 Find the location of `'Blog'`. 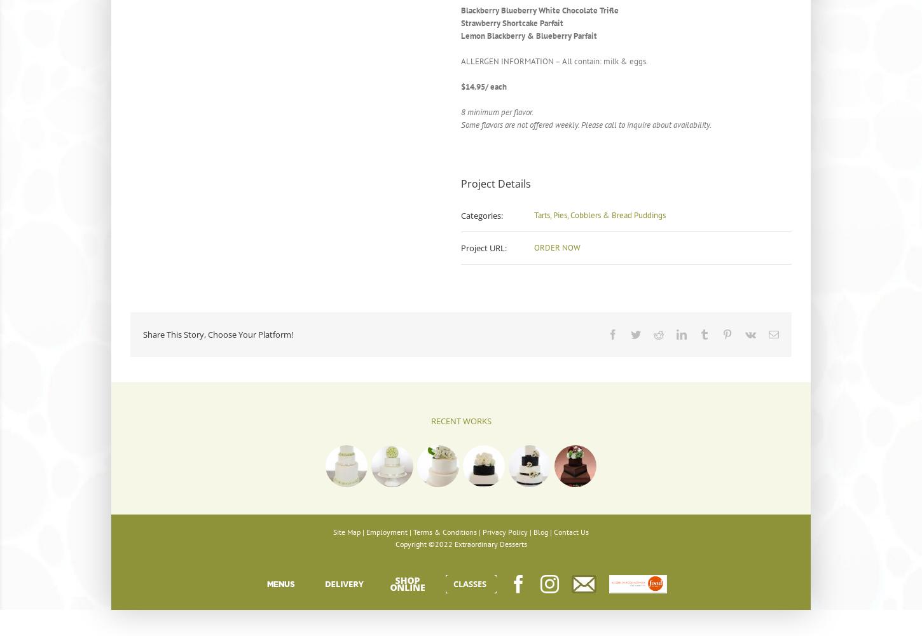

'Blog' is located at coordinates (540, 531).